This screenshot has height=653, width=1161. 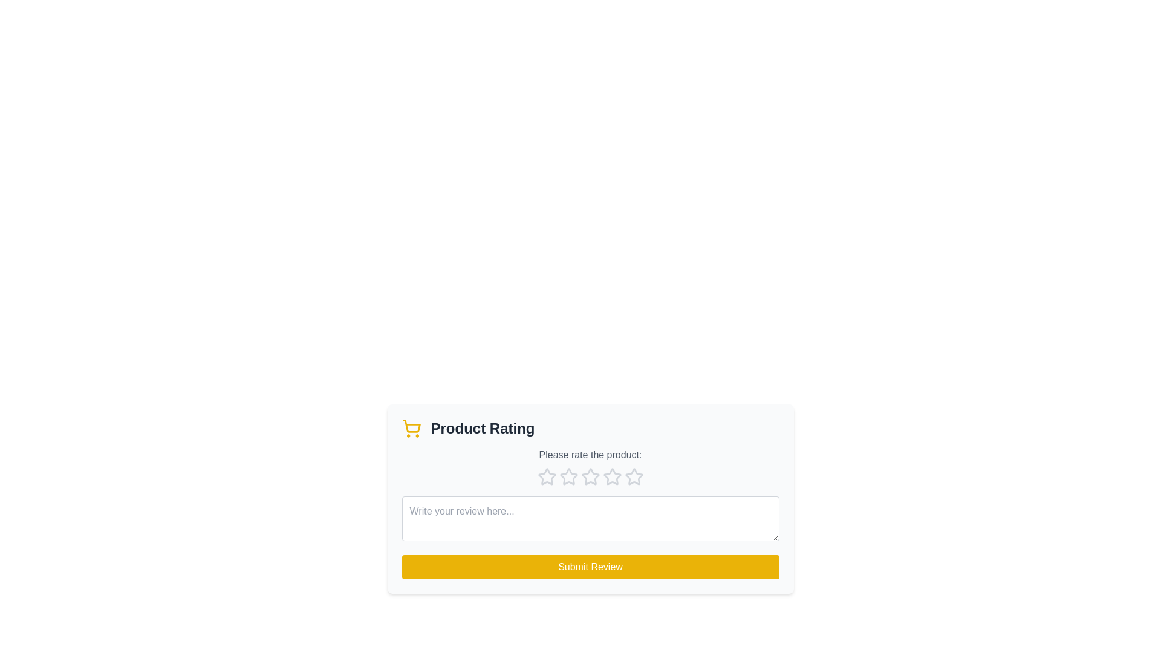 I want to click on the last star icon in the interactive visual rating control, so click(x=633, y=476).